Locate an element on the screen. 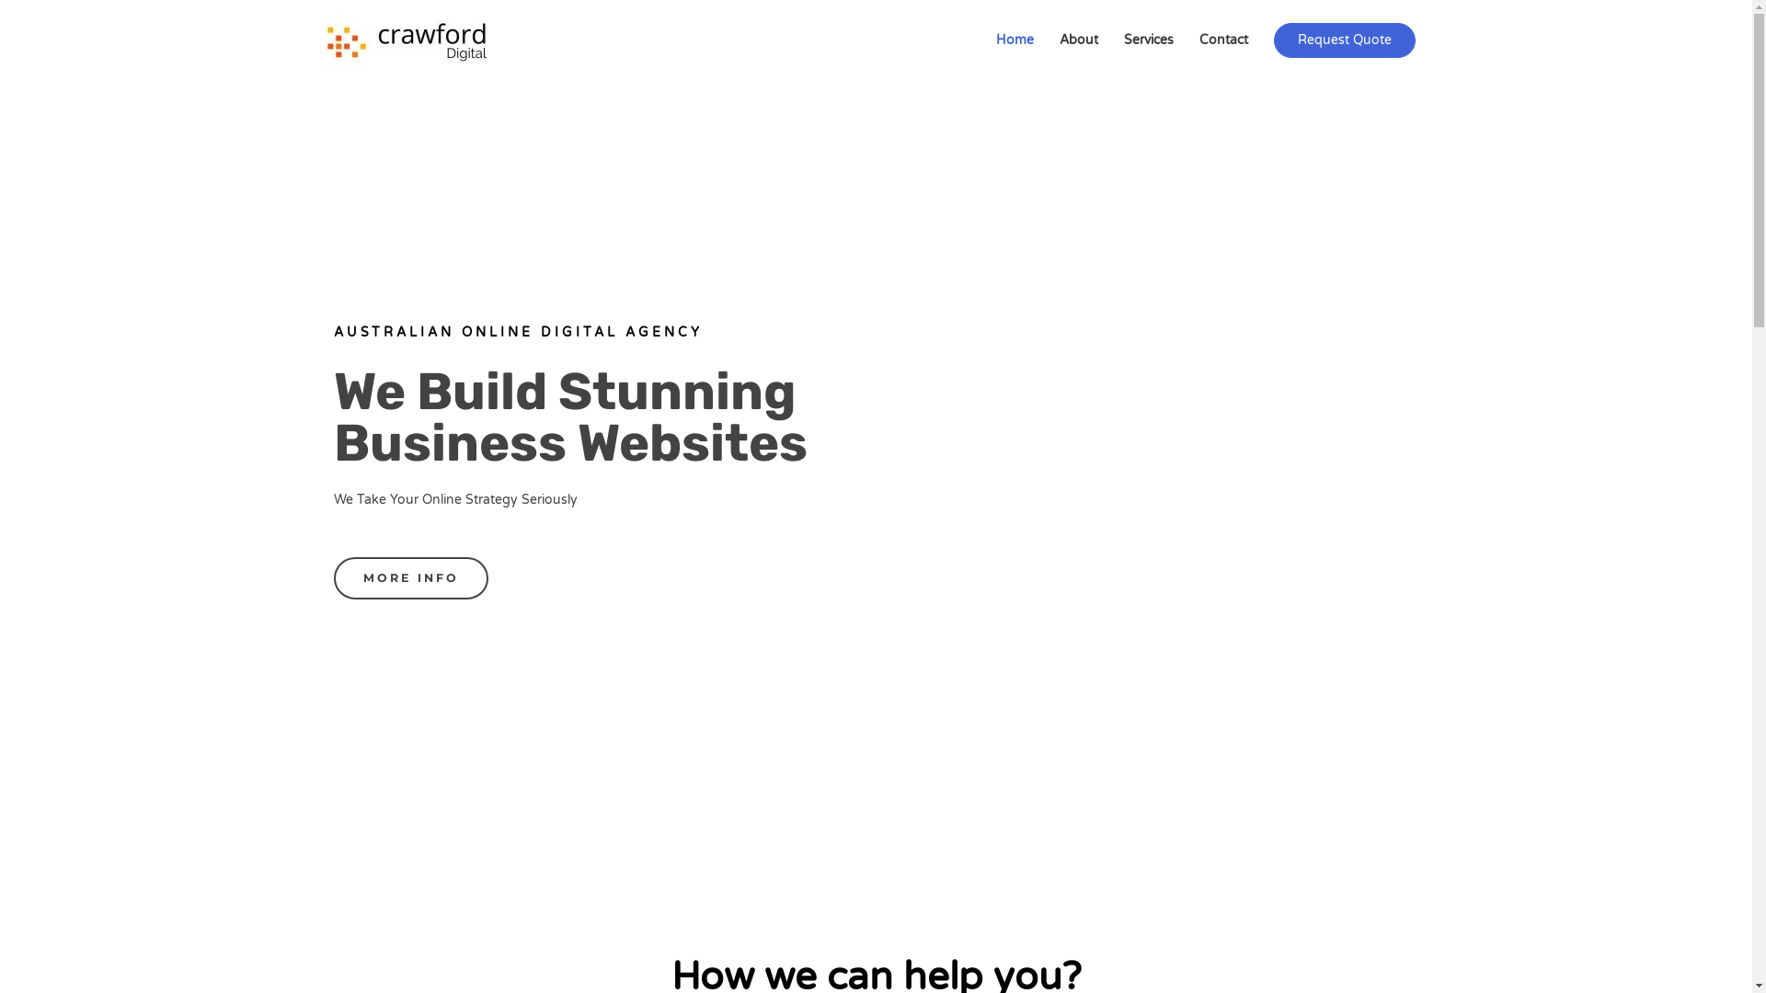  'Contact' is located at coordinates (1223, 40).